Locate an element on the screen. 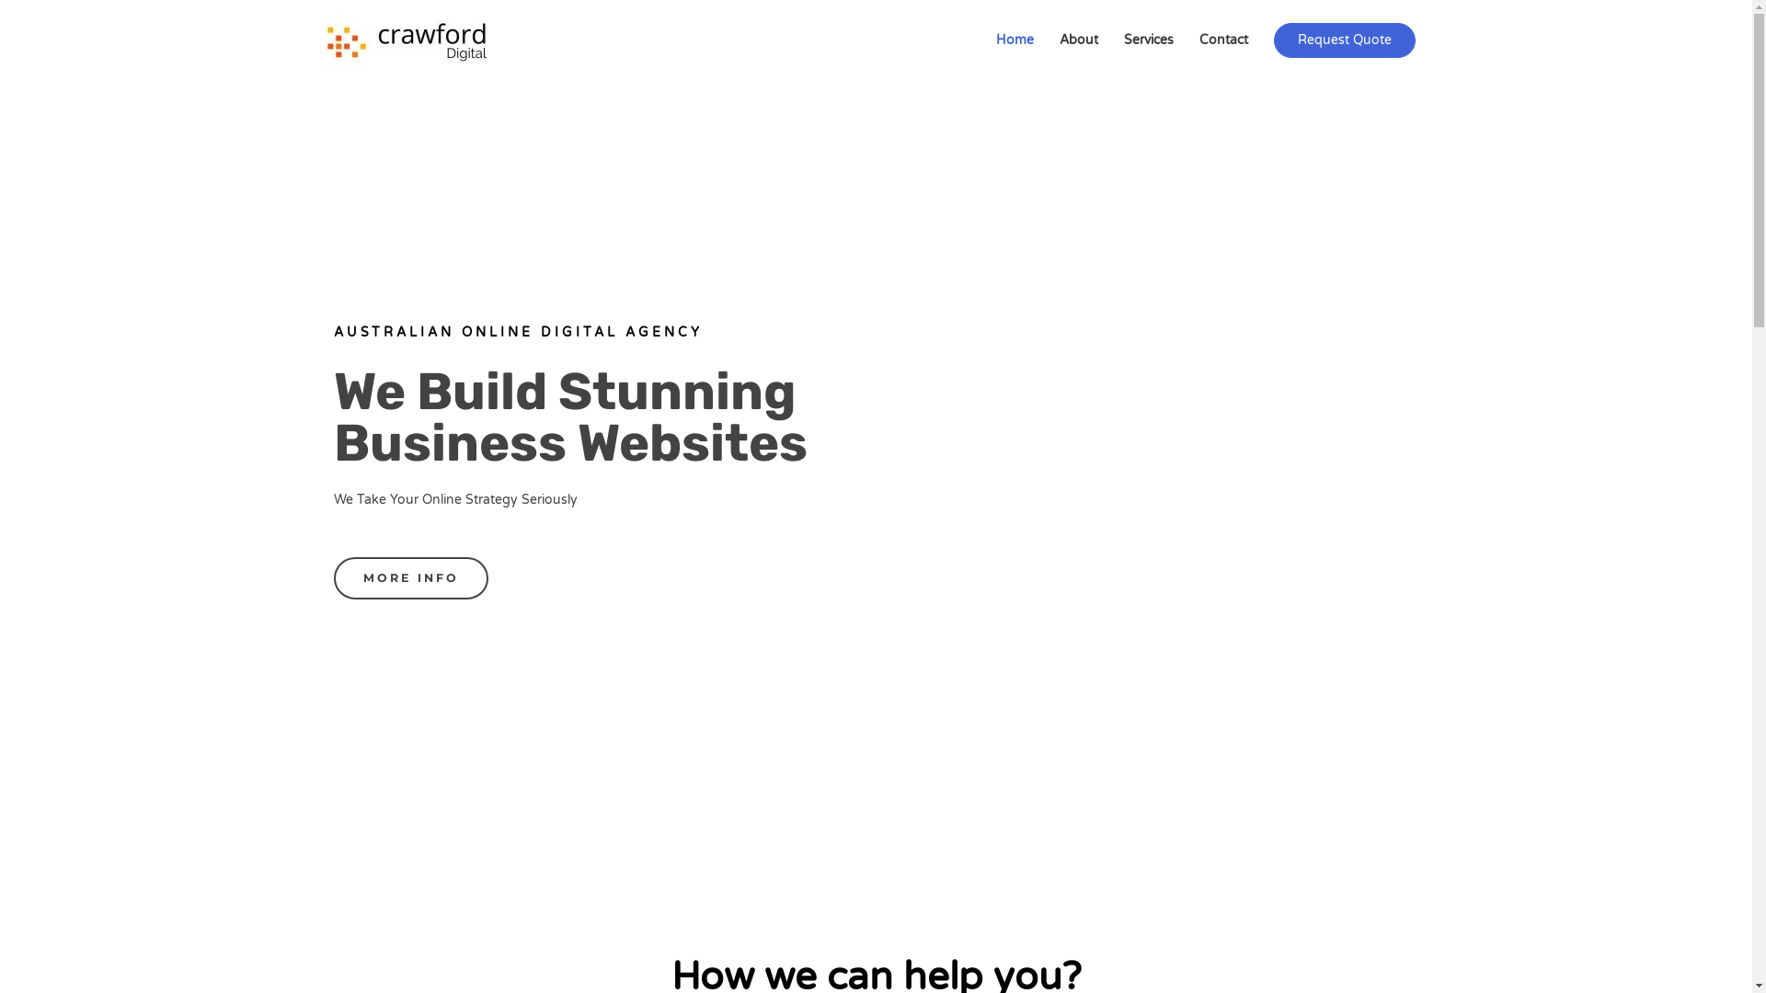  'Contact' is located at coordinates (1223, 40).